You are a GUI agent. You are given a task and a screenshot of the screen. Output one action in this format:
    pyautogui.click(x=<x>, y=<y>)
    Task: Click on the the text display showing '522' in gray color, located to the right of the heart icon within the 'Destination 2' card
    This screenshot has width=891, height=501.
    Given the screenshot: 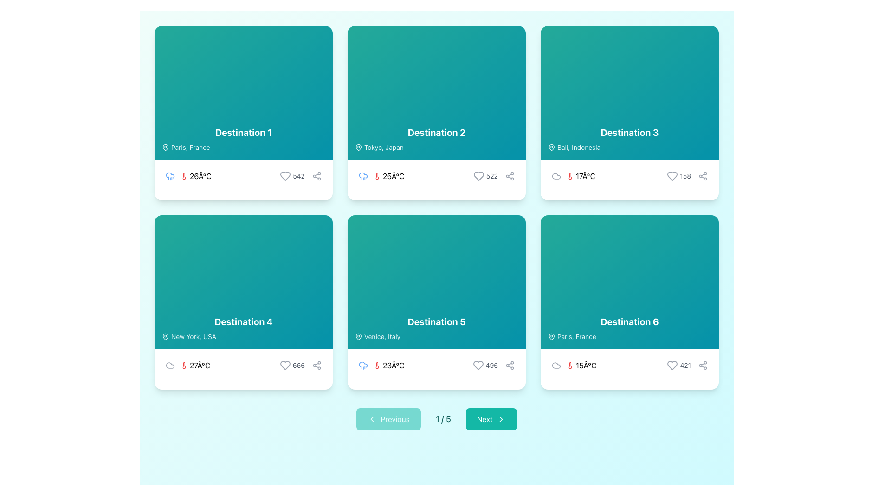 What is the action you would take?
    pyautogui.click(x=491, y=176)
    